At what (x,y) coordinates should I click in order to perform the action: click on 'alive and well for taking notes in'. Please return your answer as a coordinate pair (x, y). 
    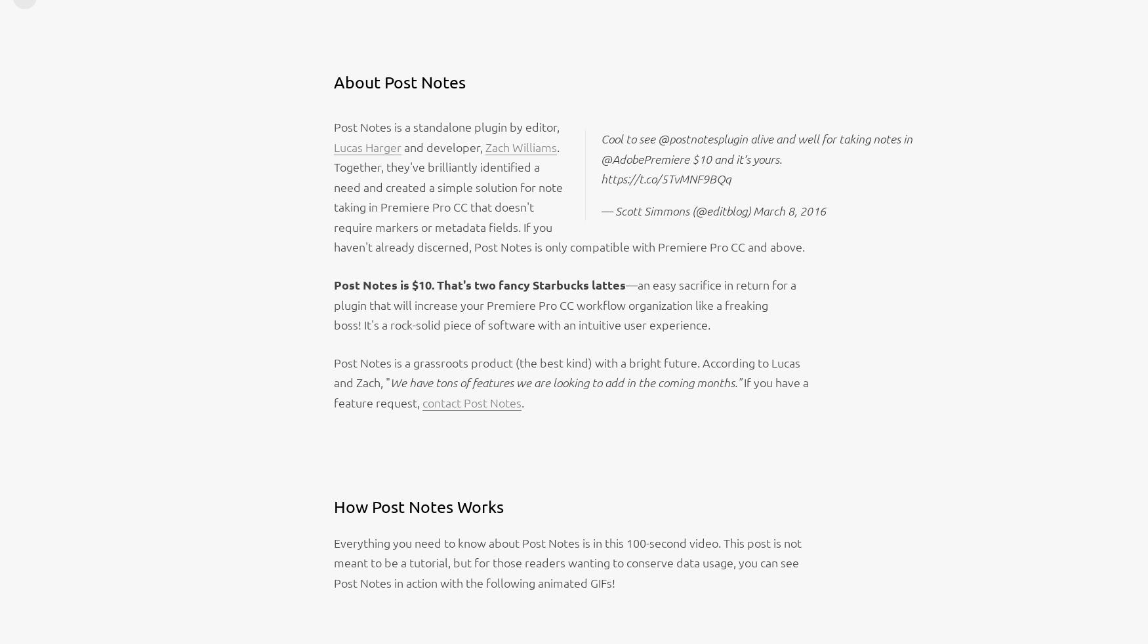
    Looking at the image, I should click on (829, 138).